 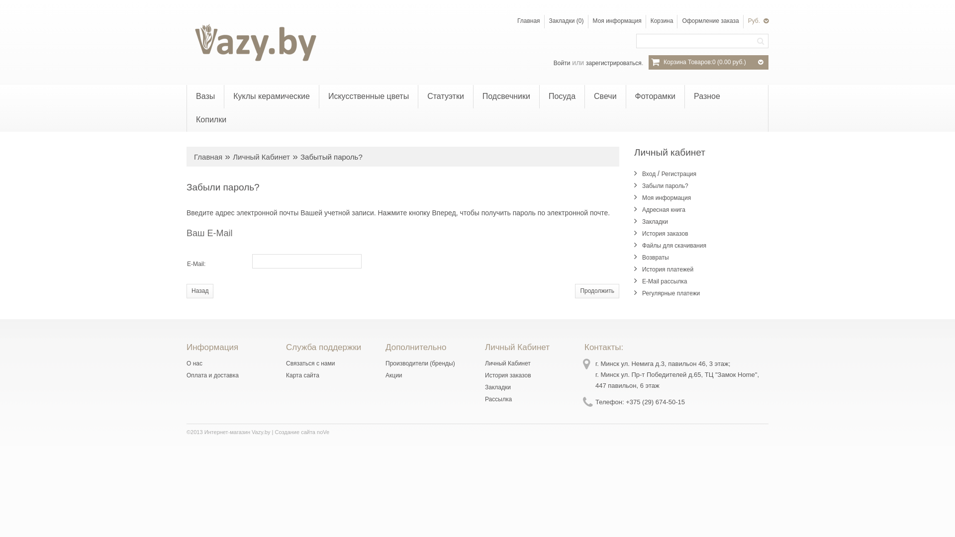 What do you see at coordinates (253, 42) in the screenshot?
I see `'Vazy.by'` at bounding box center [253, 42].